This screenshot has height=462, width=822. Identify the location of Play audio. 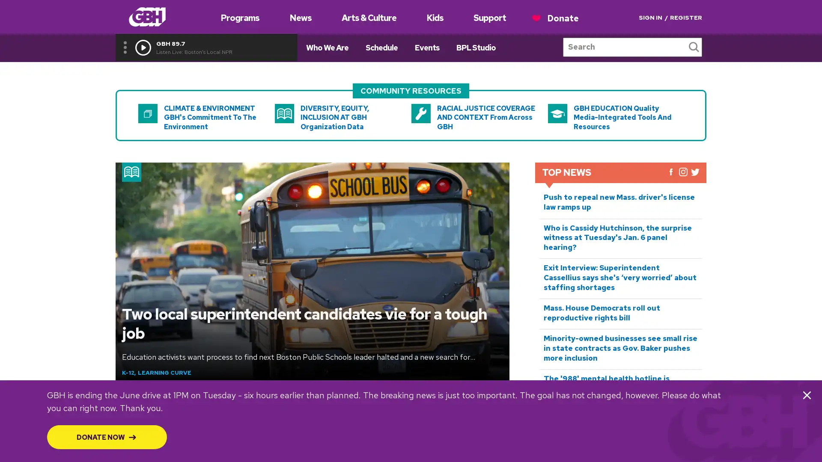
(143, 47).